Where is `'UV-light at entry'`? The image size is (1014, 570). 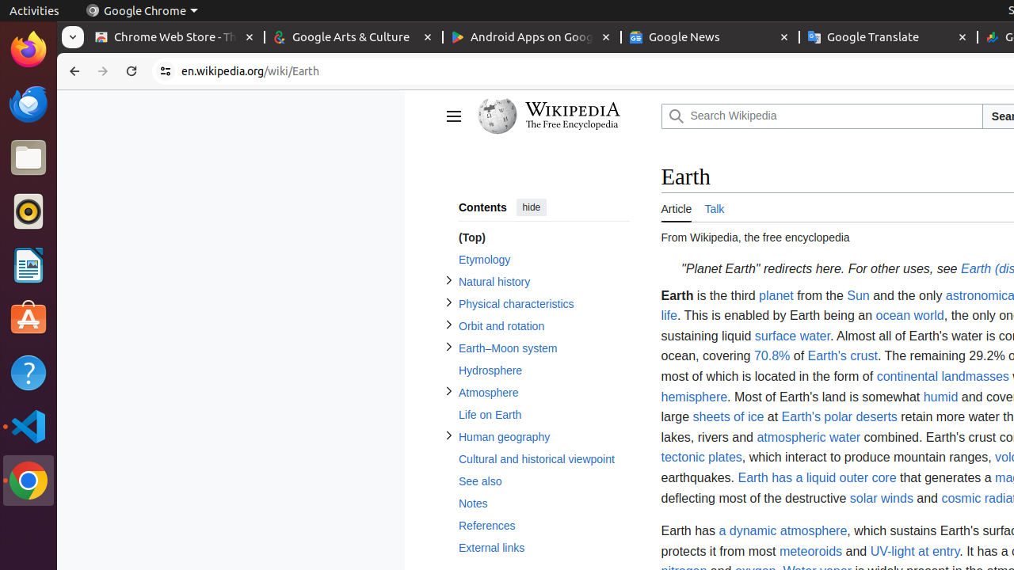 'UV-light at entry' is located at coordinates (914, 550).